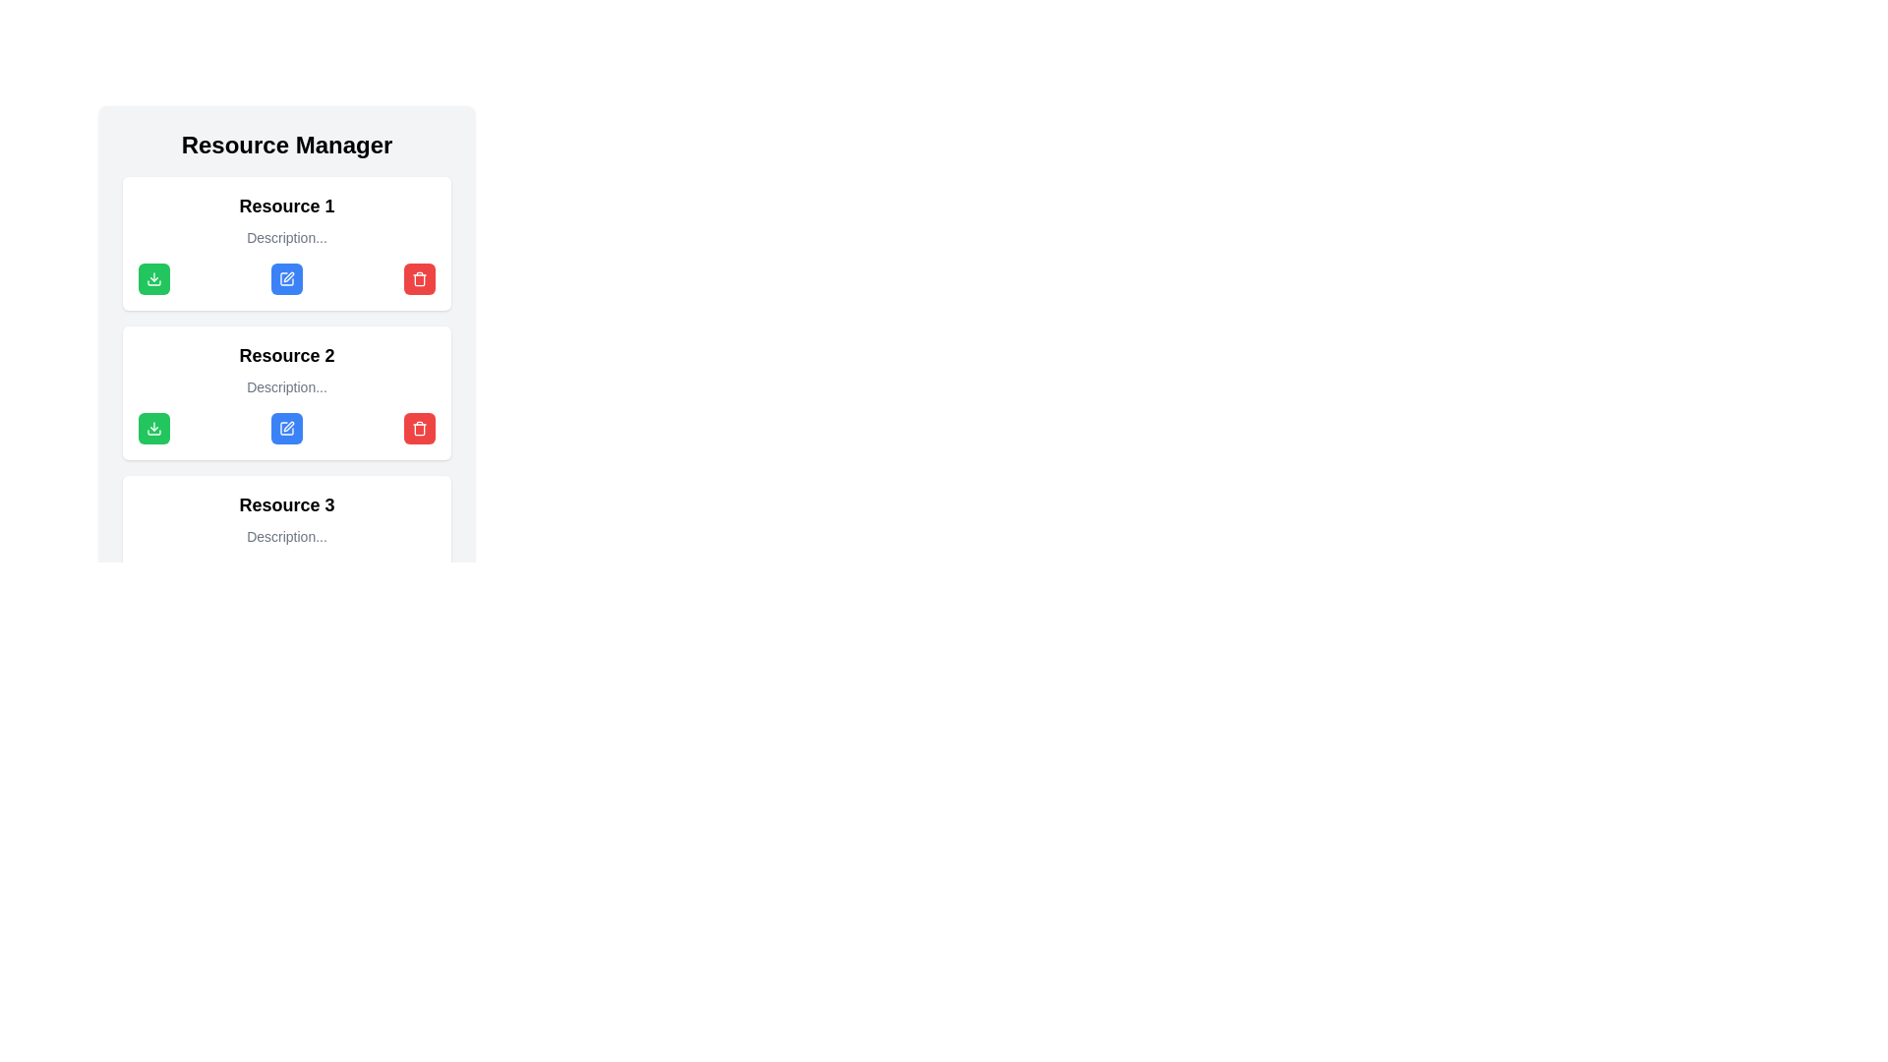 The image size is (1888, 1062). What do you see at coordinates (153, 427) in the screenshot?
I see `the first button in the control row for 'Resource 2'` at bounding box center [153, 427].